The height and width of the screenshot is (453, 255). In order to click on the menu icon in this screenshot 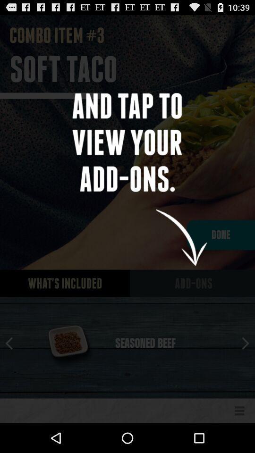, I will do `click(239, 439)`.